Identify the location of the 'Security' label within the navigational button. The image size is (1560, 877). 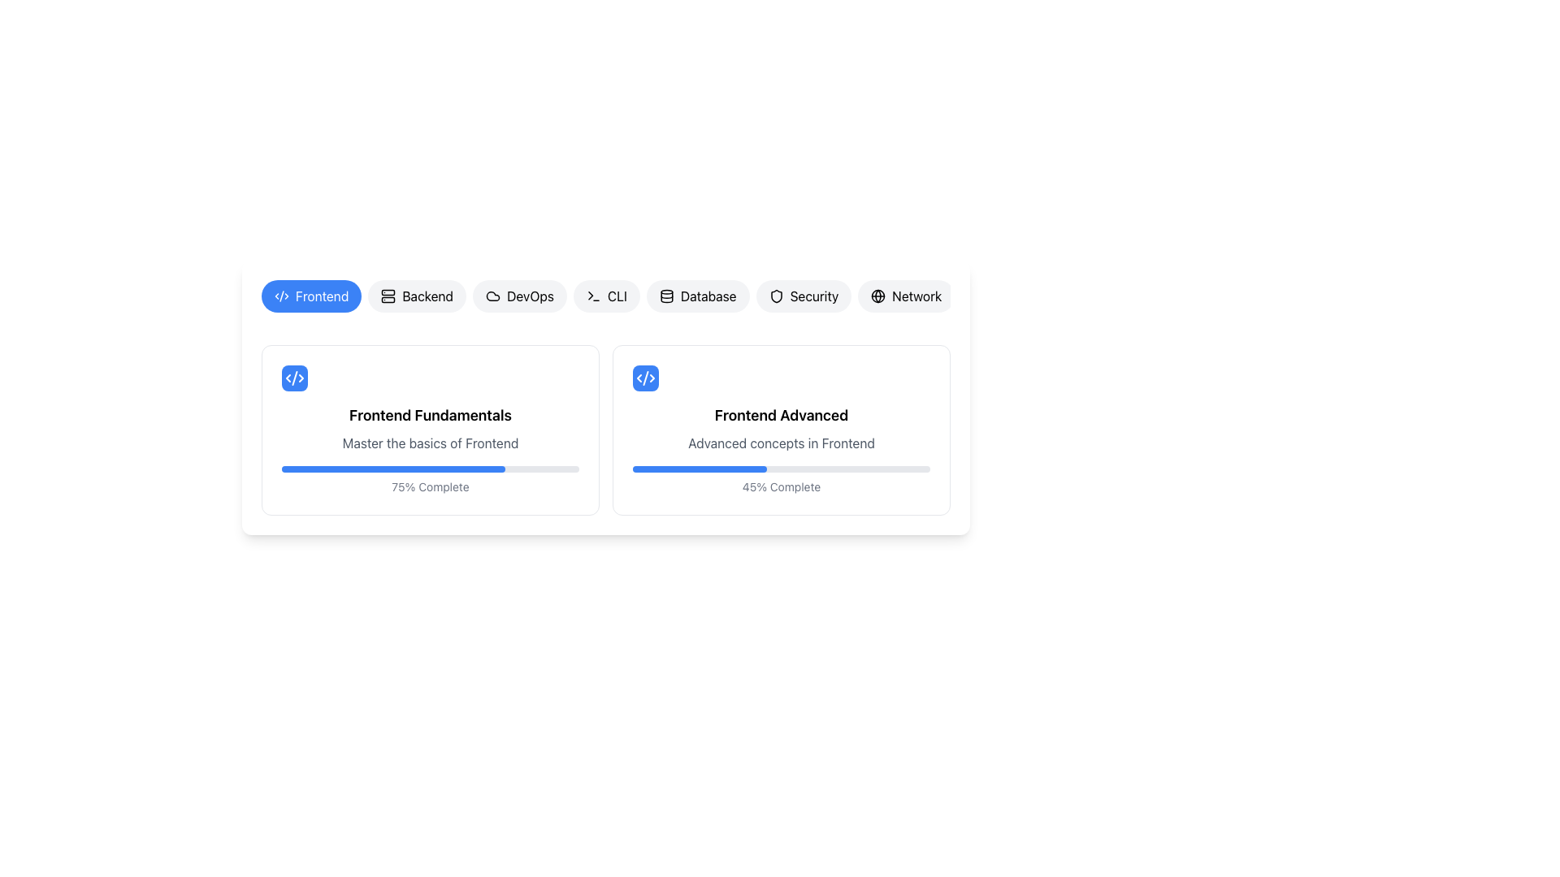
(814, 296).